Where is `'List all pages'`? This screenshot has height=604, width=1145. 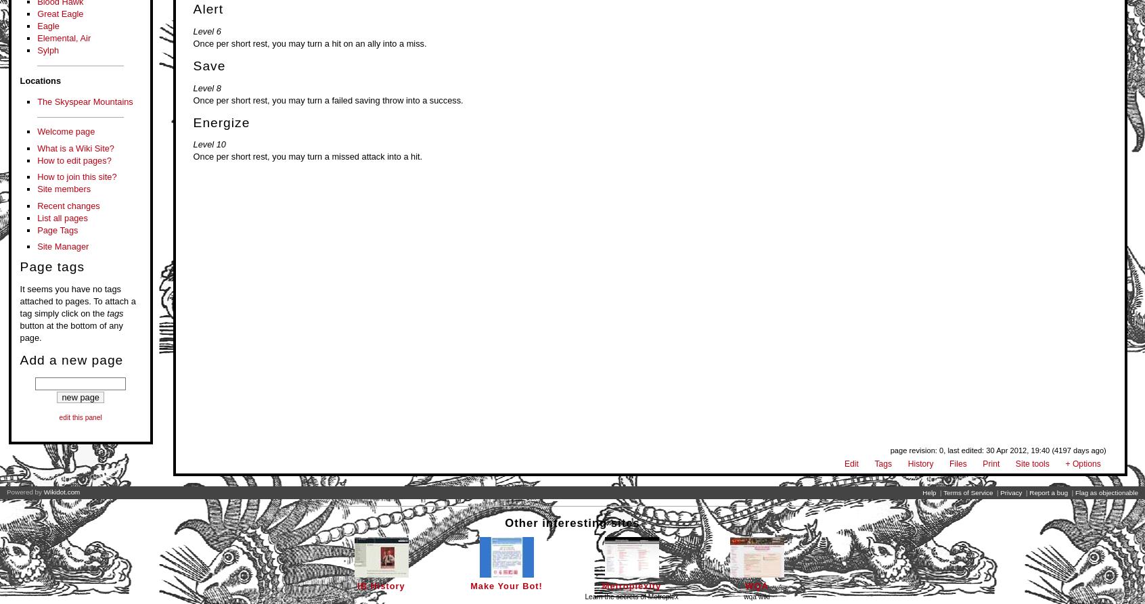 'List all pages' is located at coordinates (62, 217).